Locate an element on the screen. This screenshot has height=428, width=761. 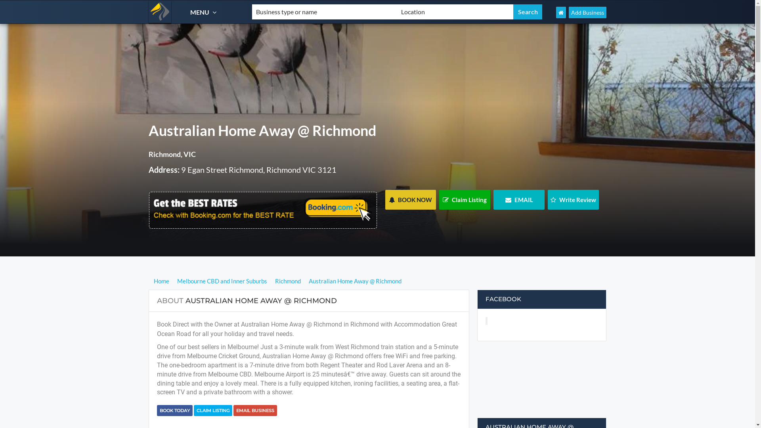
'Richmond' is located at coordinates (272, 281).